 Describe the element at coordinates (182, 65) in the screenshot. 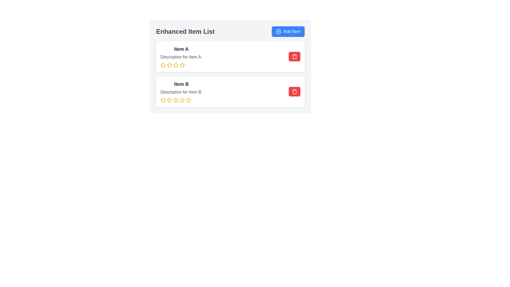

I see `the fourth star from the left in the row of five stars under the 'Item A' section` at that location.